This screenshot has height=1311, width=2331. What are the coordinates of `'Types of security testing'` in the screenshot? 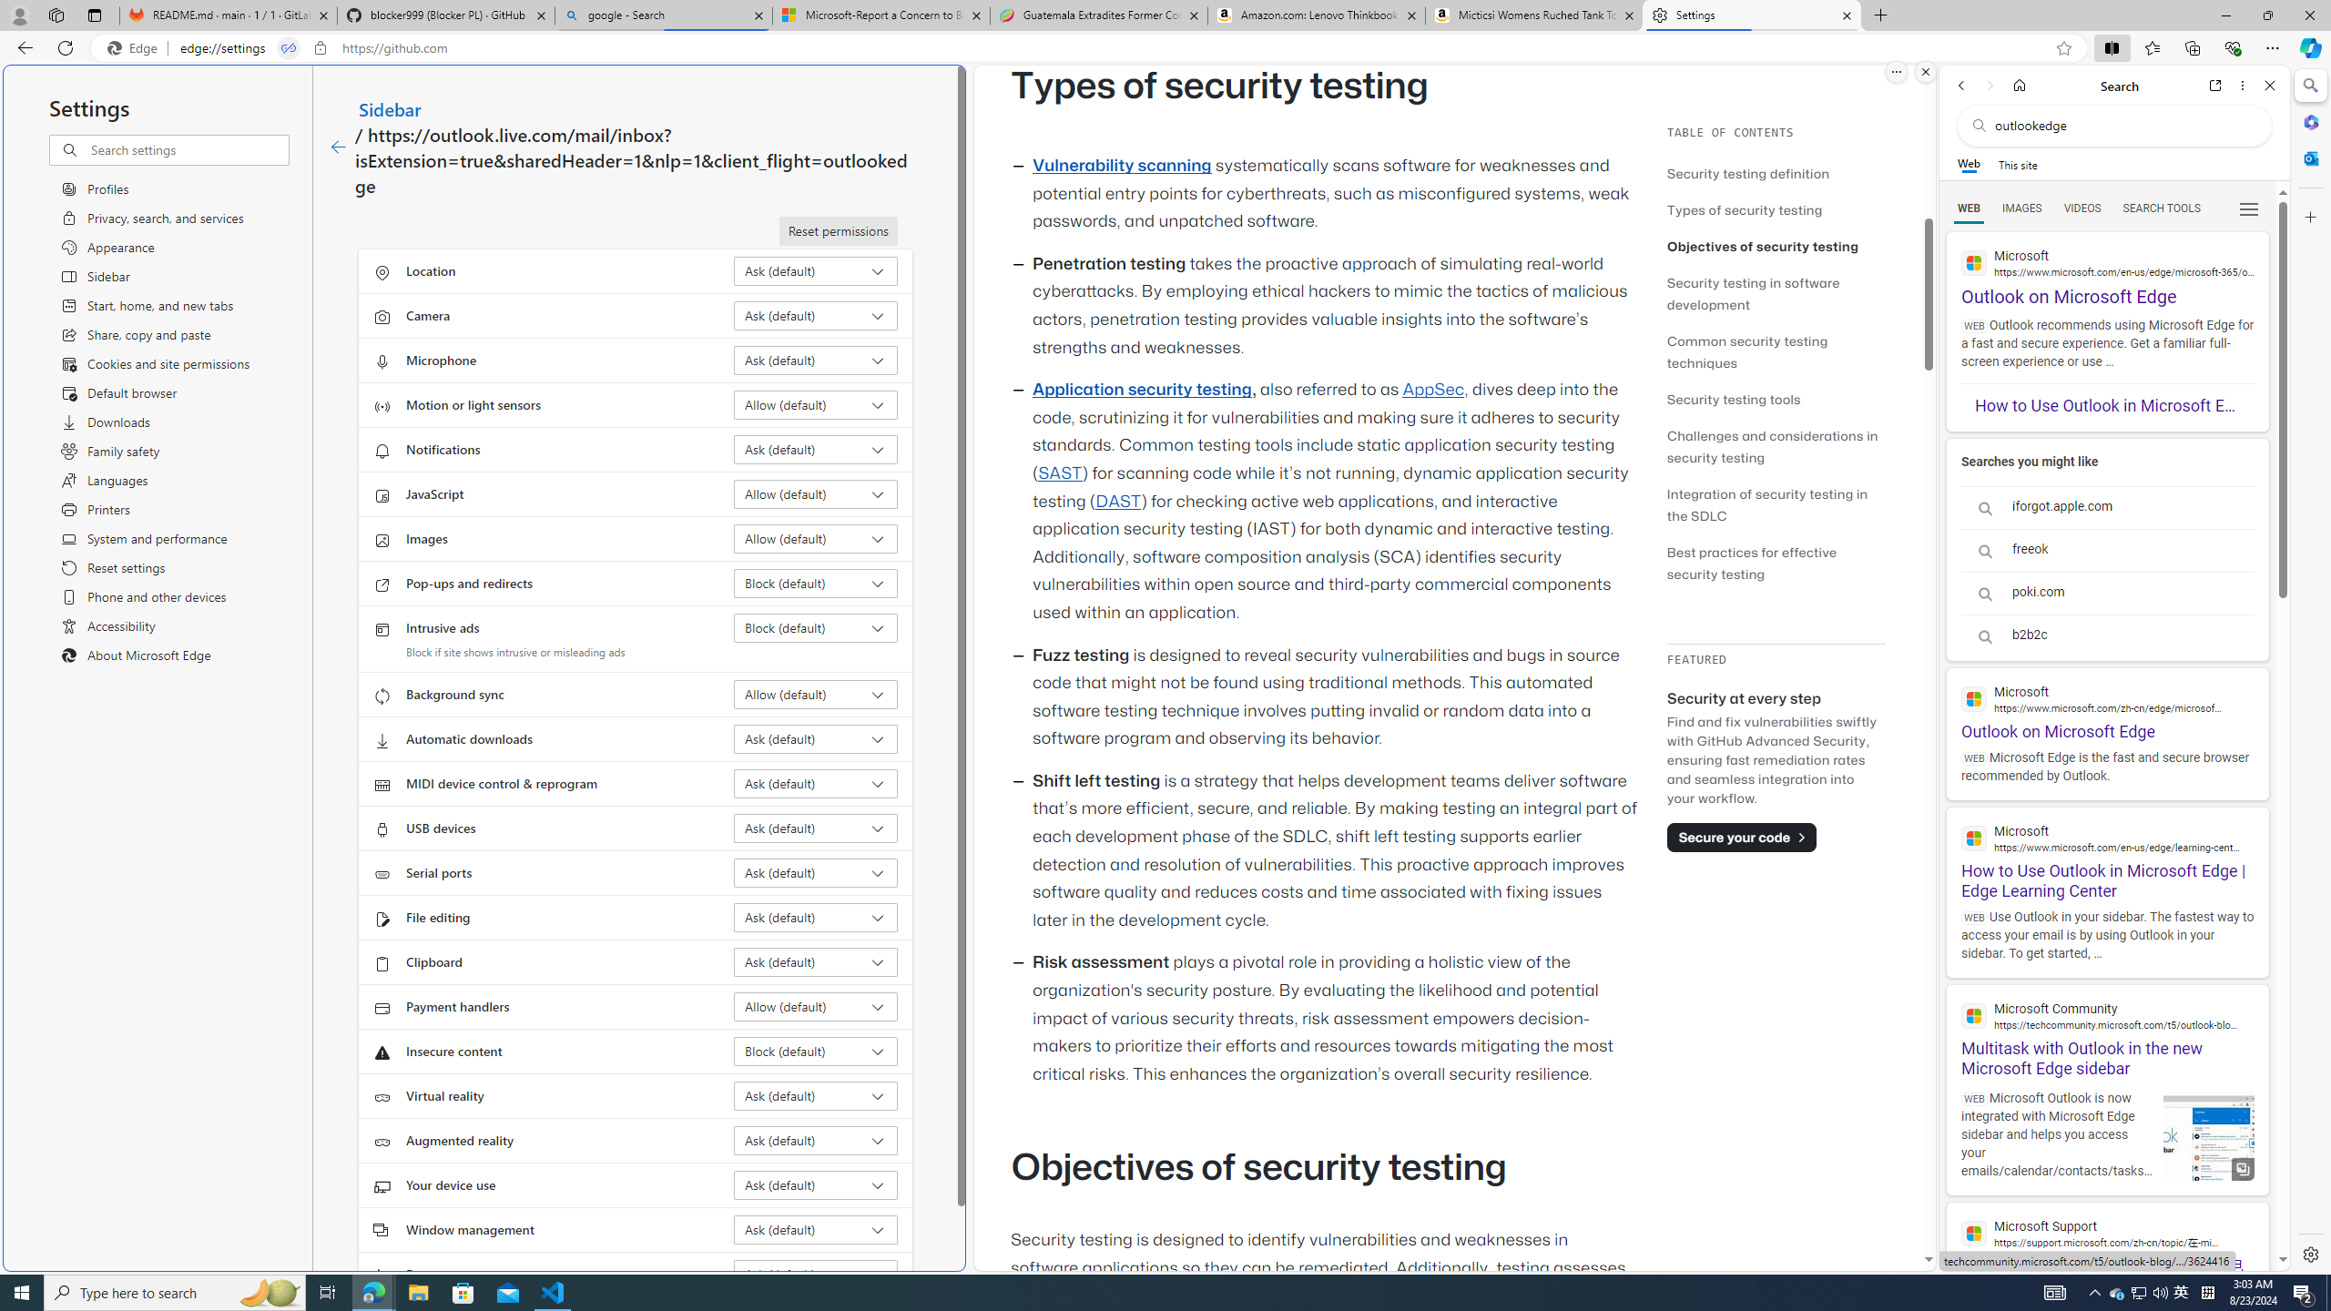 It's located at (1775, 208).